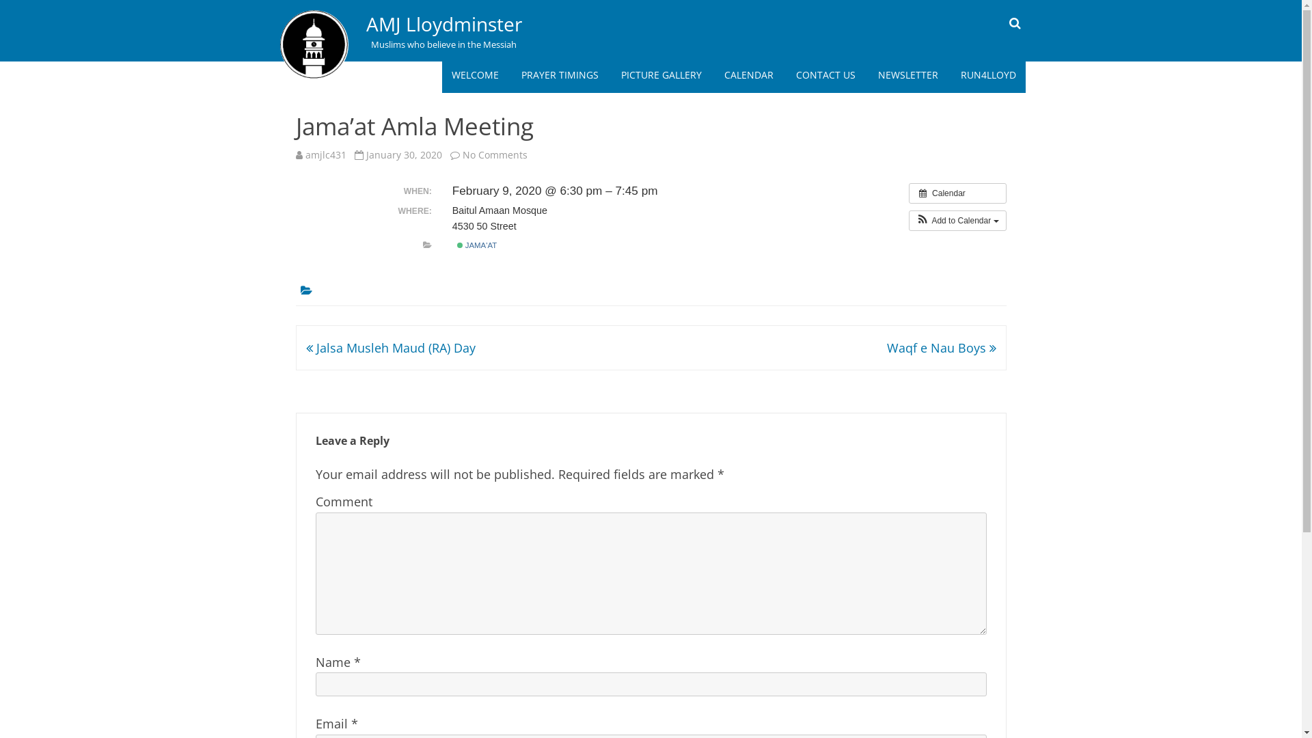 This screenshot has height=738, width=1312. I want to click on 'CONTACT US', so click(824, 75).